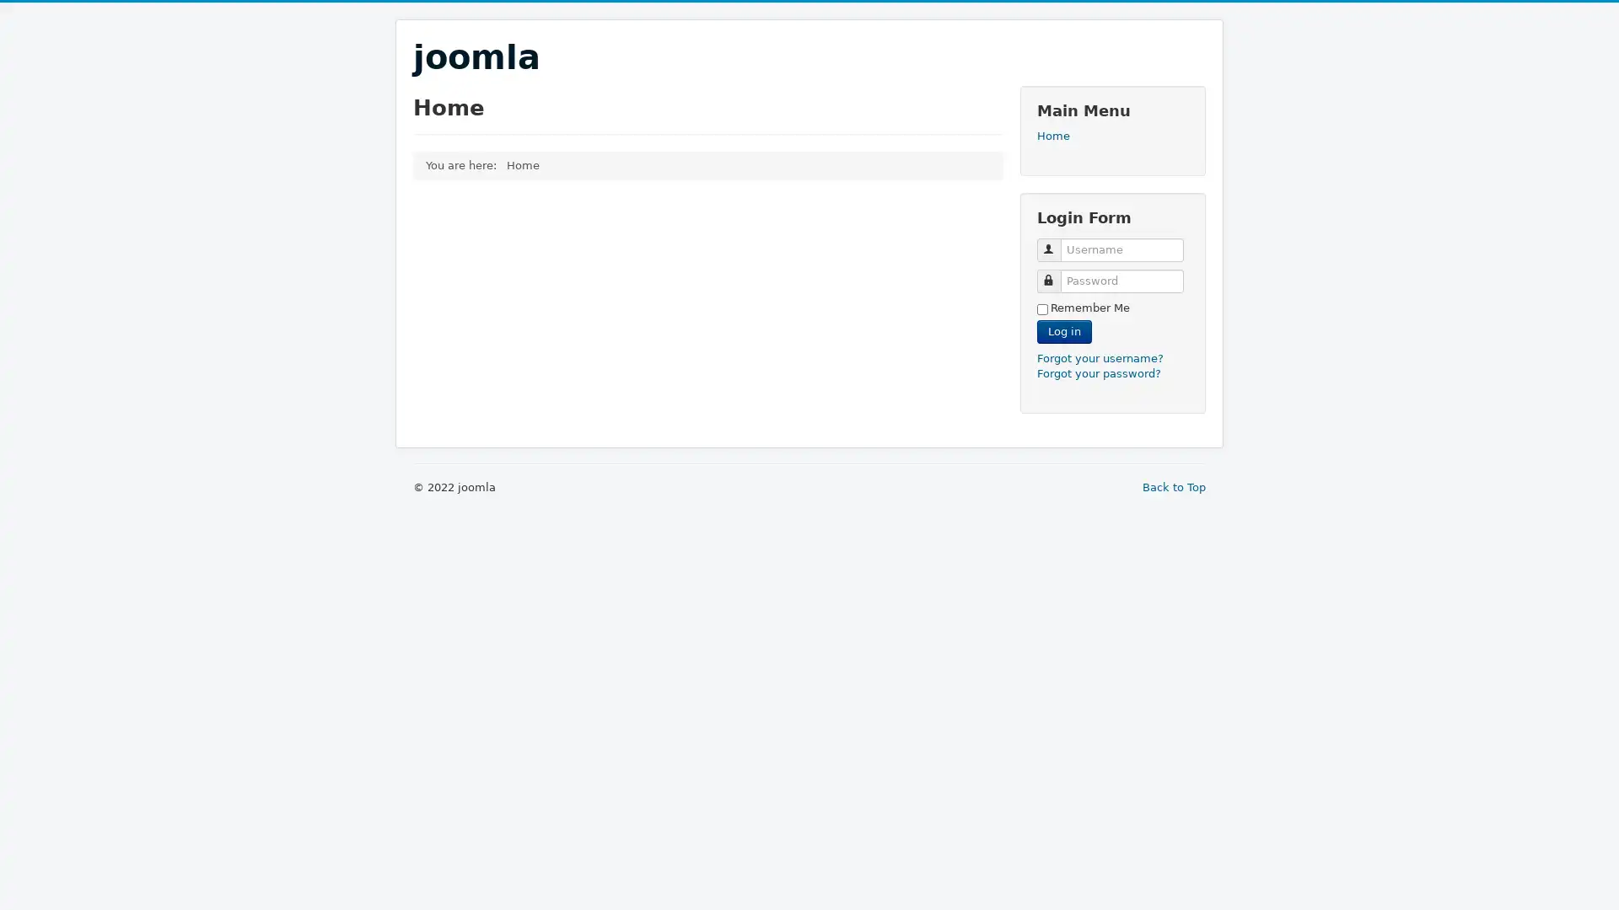  I want to click on Log in, so click(1063, 331).